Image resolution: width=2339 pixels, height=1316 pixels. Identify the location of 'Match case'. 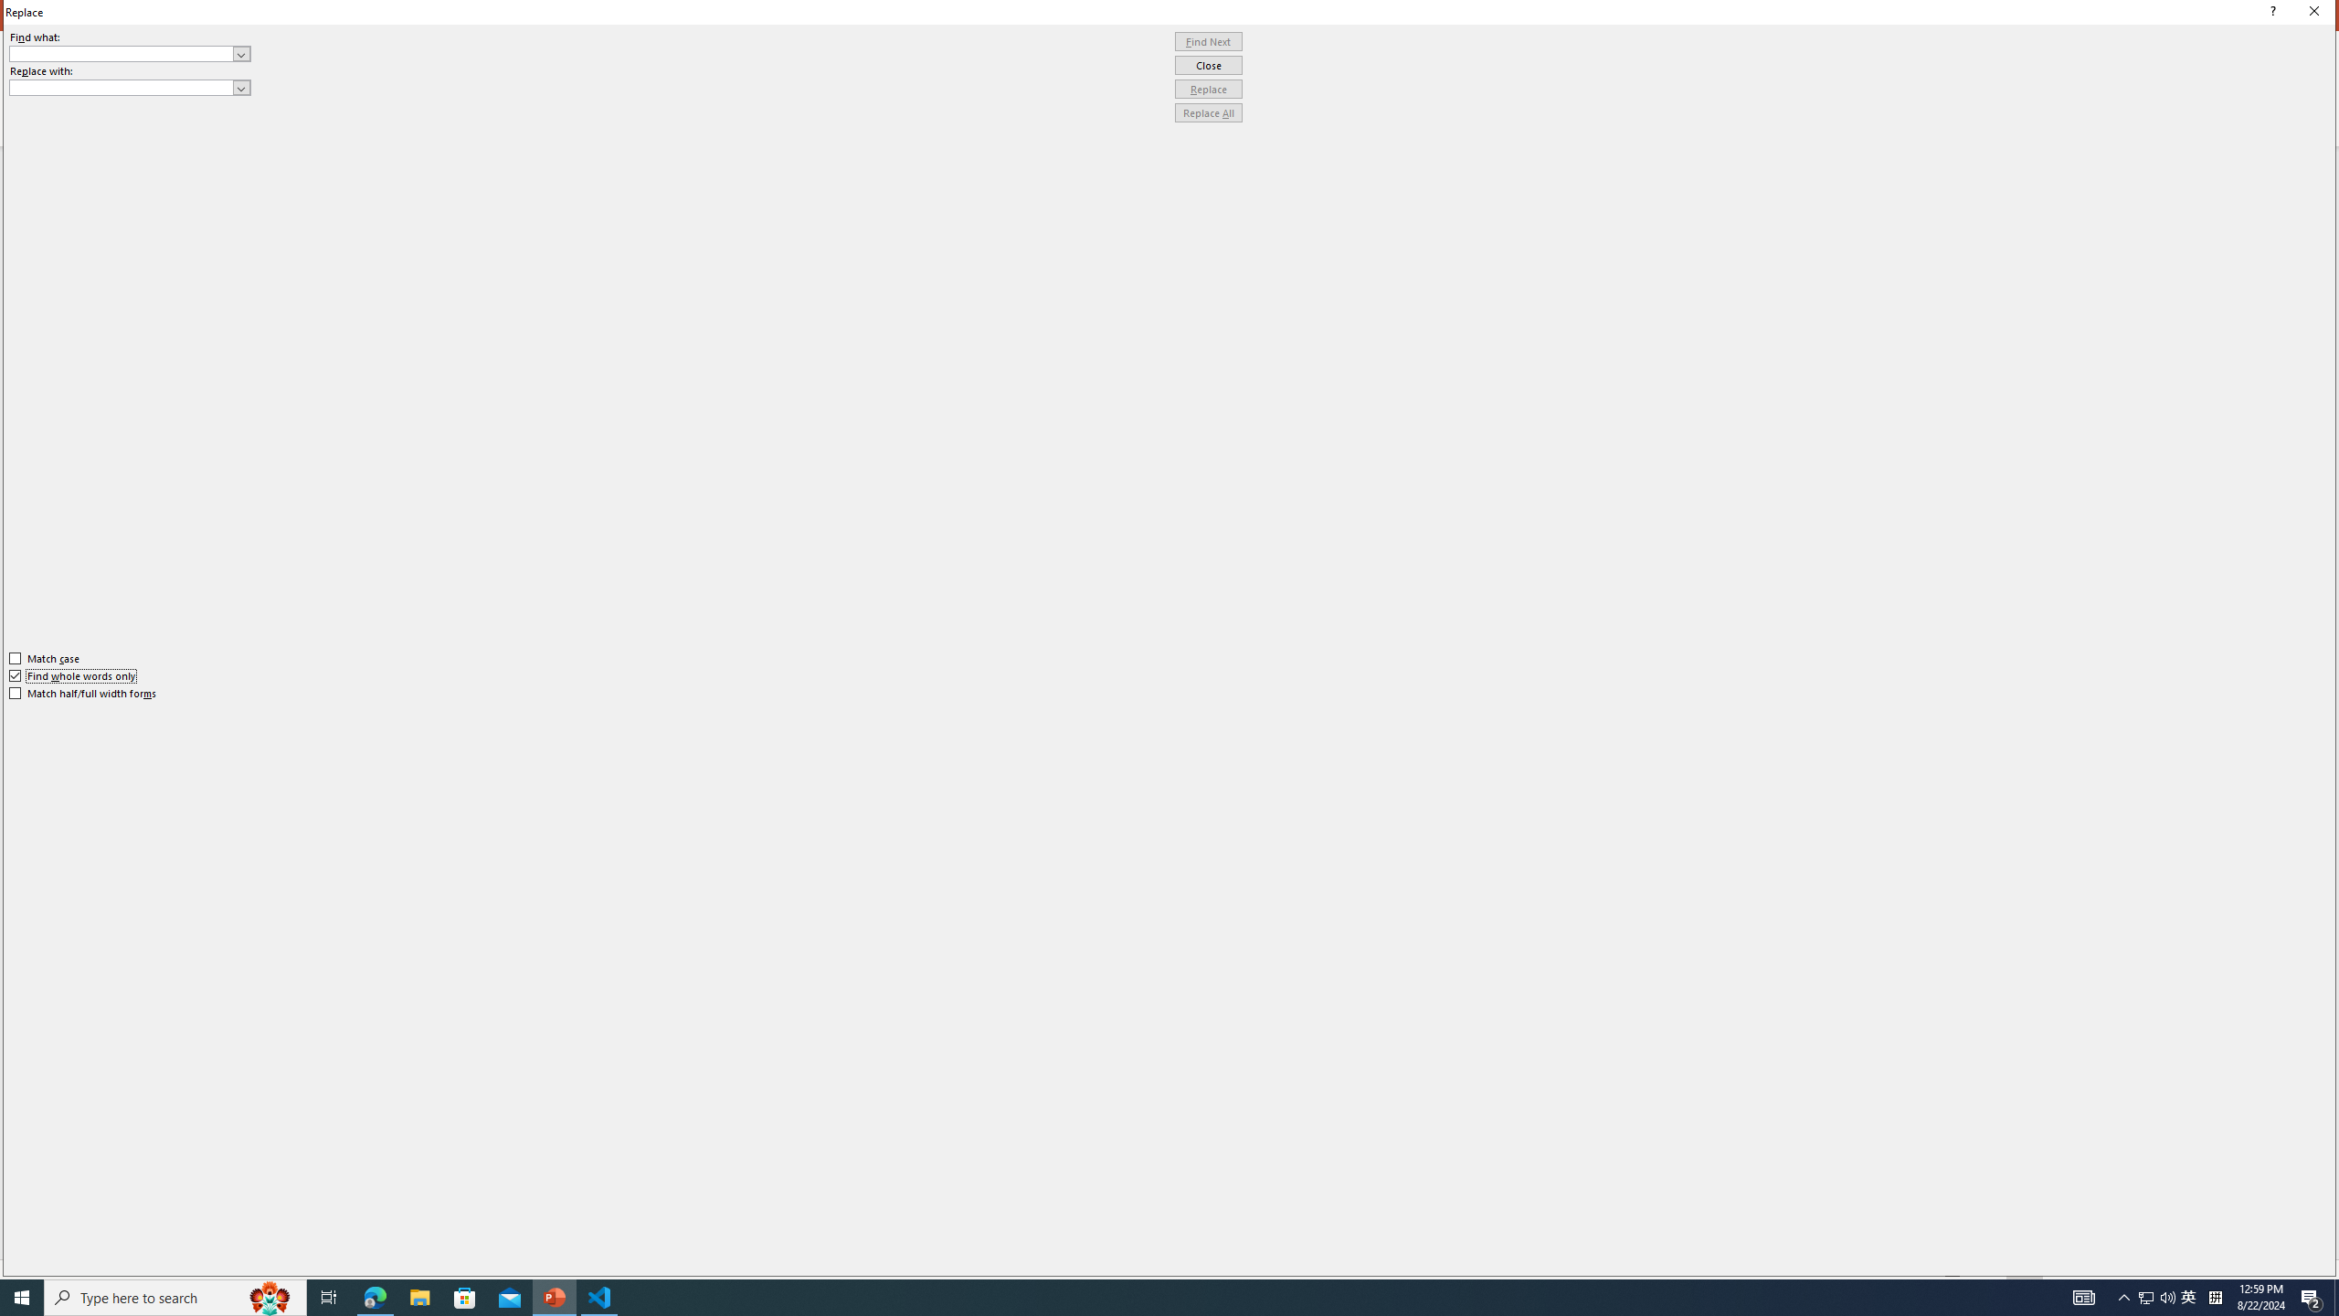
(44, 658).